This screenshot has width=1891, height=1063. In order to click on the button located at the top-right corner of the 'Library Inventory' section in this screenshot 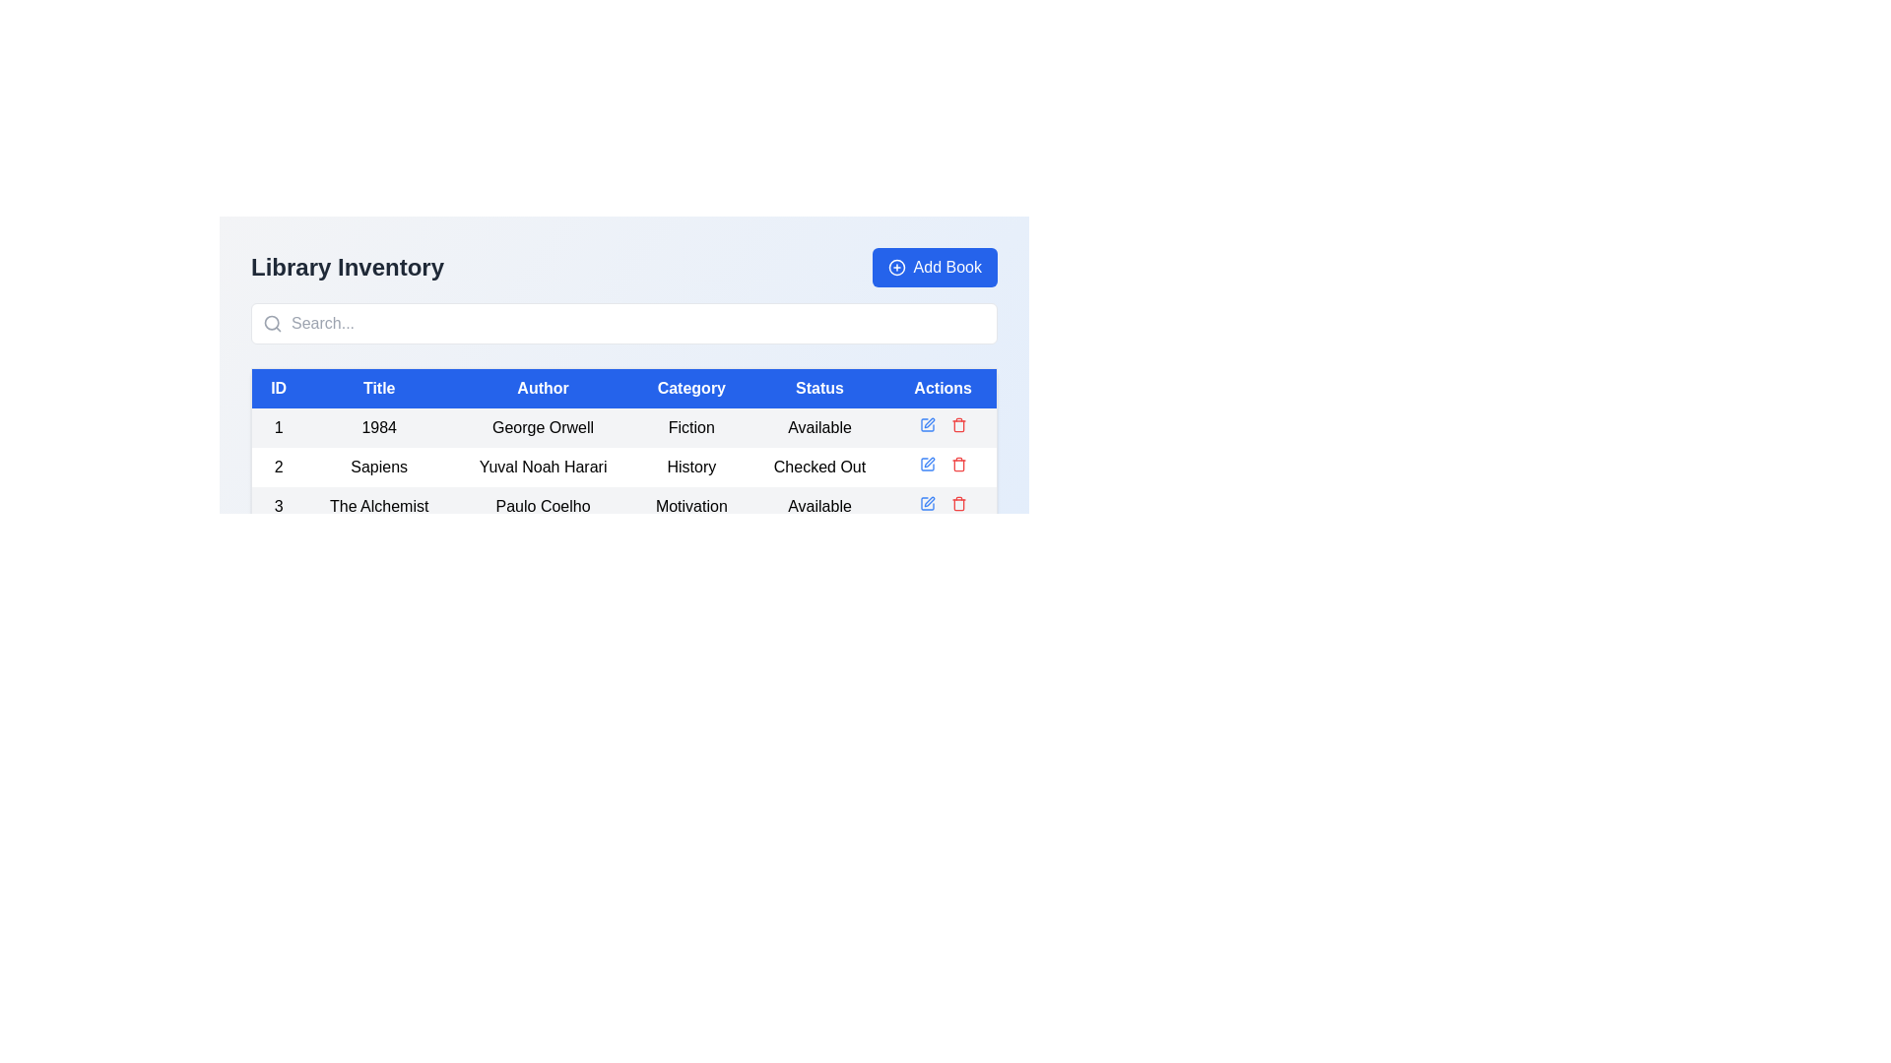, I will do `click(934, 268)`.